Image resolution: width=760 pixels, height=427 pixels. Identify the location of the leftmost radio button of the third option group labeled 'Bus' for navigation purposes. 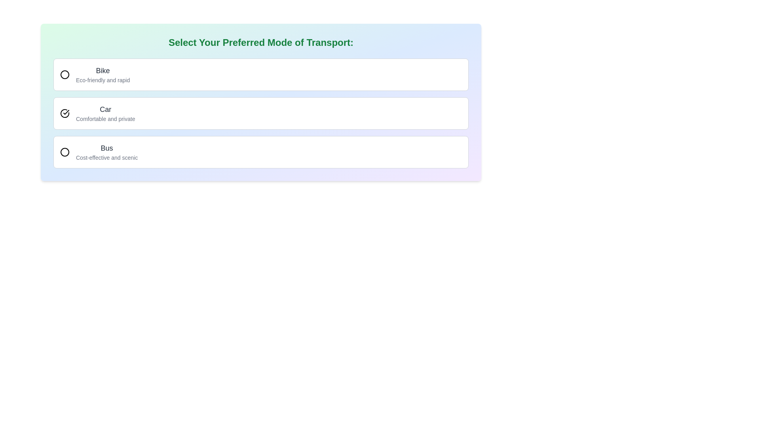
(65, 152).